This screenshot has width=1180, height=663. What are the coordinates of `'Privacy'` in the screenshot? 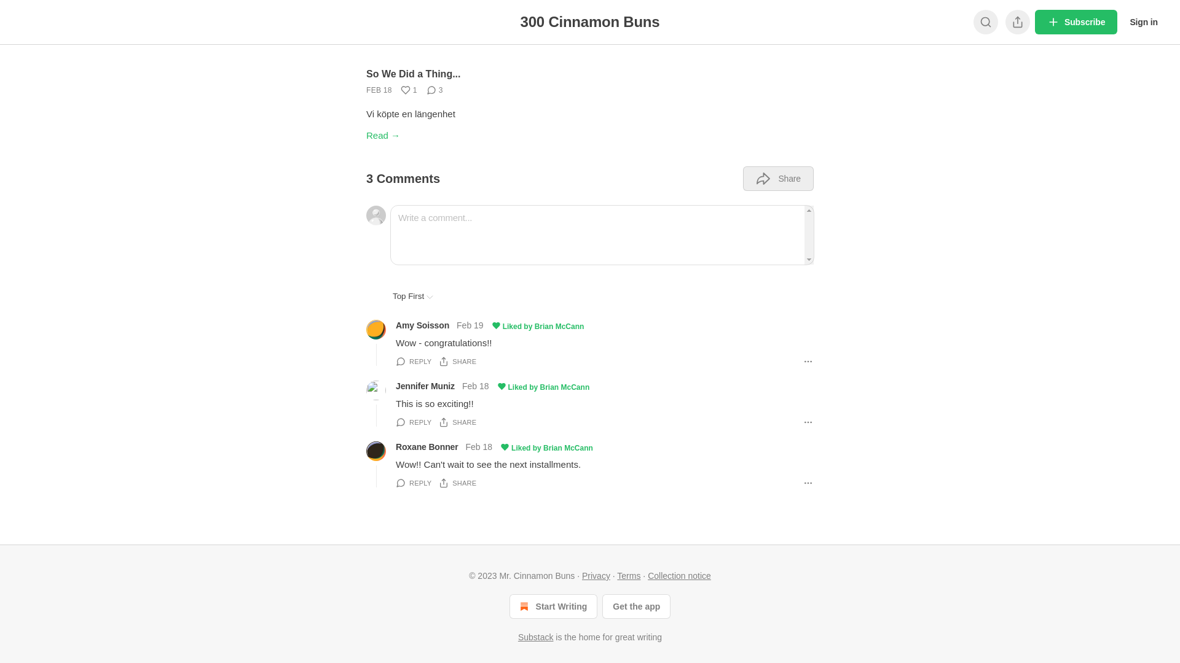 It's located at (596, 575).